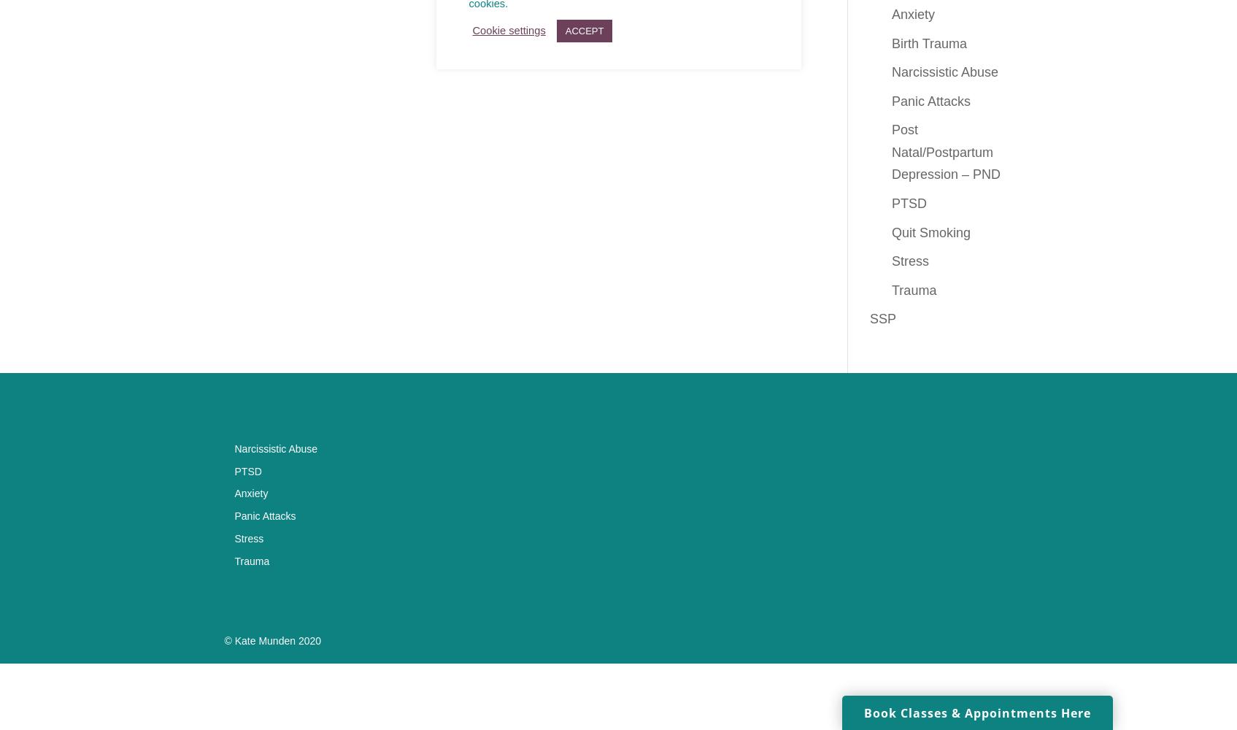 This screenshot has width=1237, height=730. What do you see at coordinates (271, 641) in the screenshot?
I see `'© Kate Munden 2020'` at bounding box center [271, 641].